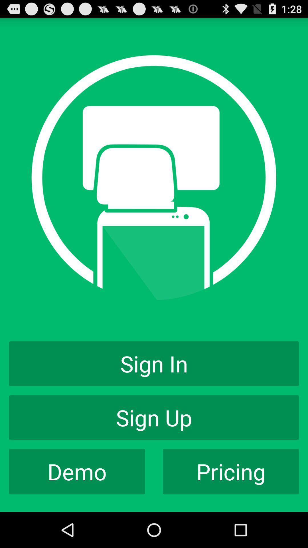 This screenshot has height=548, width=308. What do you see at coordinates (77, 472) in the screenshot?
I see `the demo app` at bounding box center [77, 472].